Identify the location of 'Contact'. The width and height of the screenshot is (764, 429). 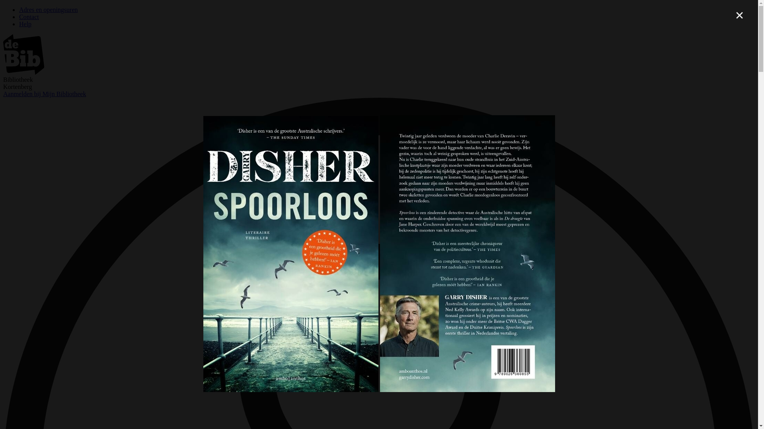
(29, 17).